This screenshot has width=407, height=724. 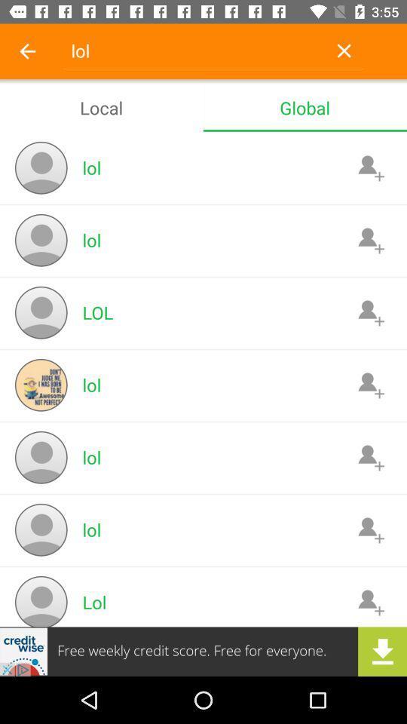 I want to click on contact icon, so click(x=370, y=529).